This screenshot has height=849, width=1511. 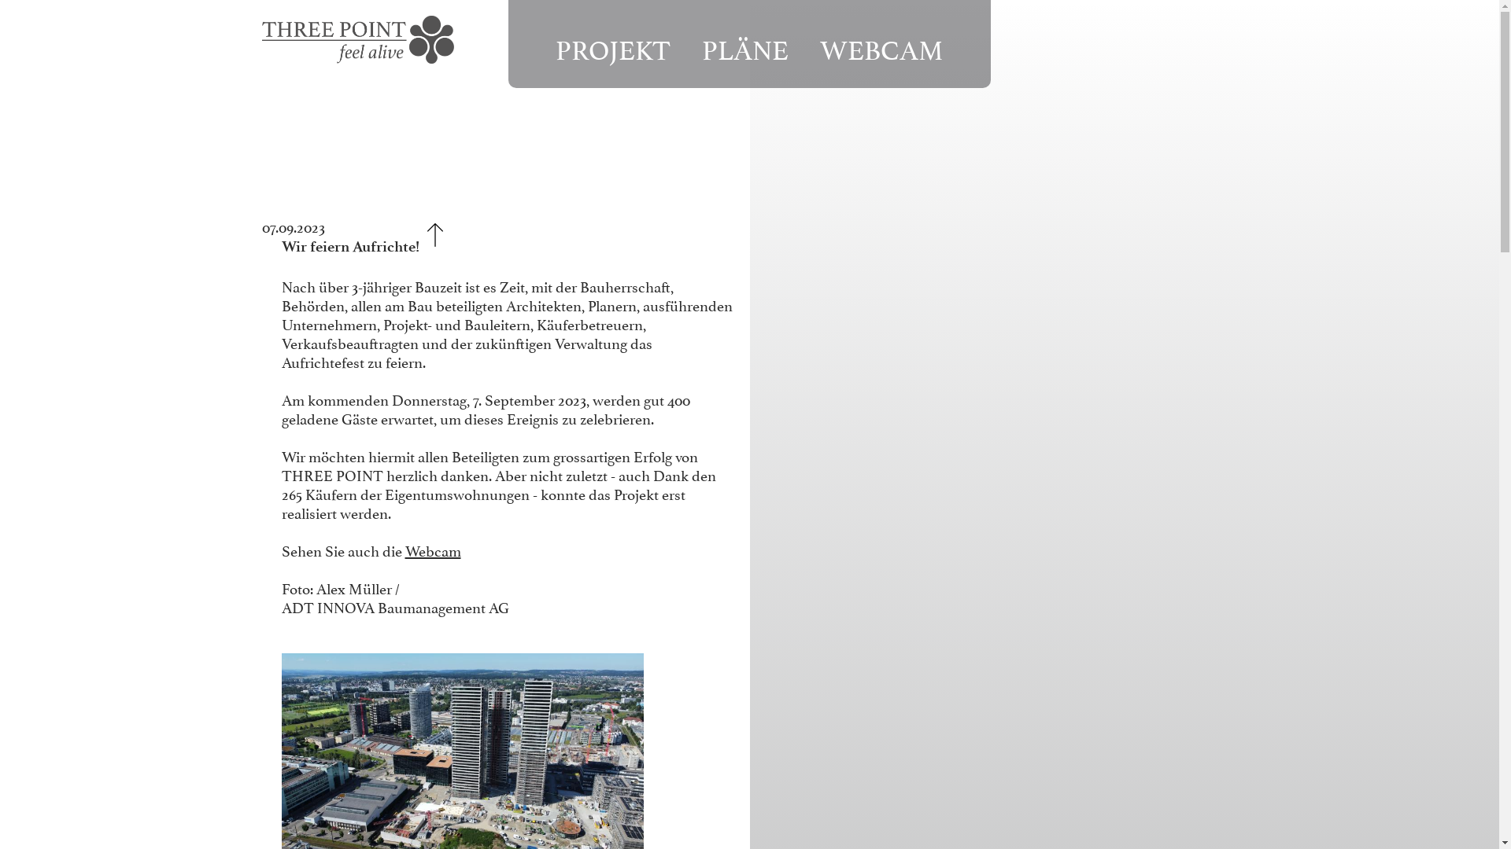 I want to click on 'WEBCAM', so click(x=881, y=46).